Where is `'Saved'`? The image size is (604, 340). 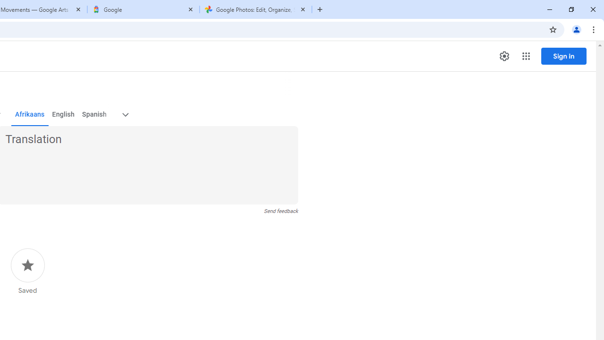
'Saved' is located at coordinates (27, 272).